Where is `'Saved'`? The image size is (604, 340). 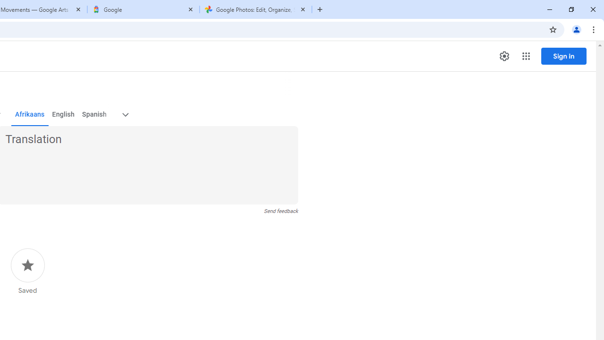
'Saved' is located at coordinates (27, 272).